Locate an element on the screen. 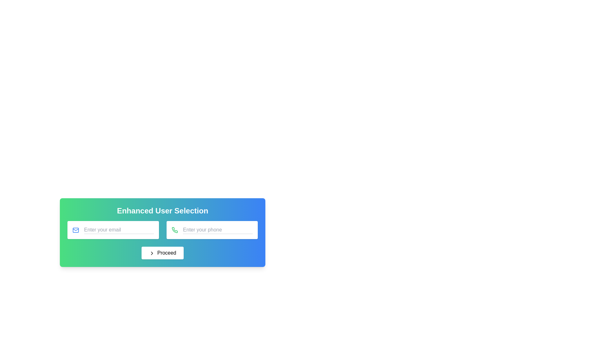 The width and height of the screenshot is (608, 342). the green phone icon located in the top-right corner of the phone number input bar is located at coordinates (174, 230).